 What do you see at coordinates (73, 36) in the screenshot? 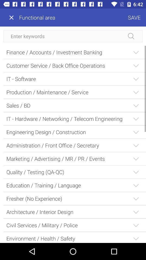
I see `open search bar` at bounding box center [73, 36].